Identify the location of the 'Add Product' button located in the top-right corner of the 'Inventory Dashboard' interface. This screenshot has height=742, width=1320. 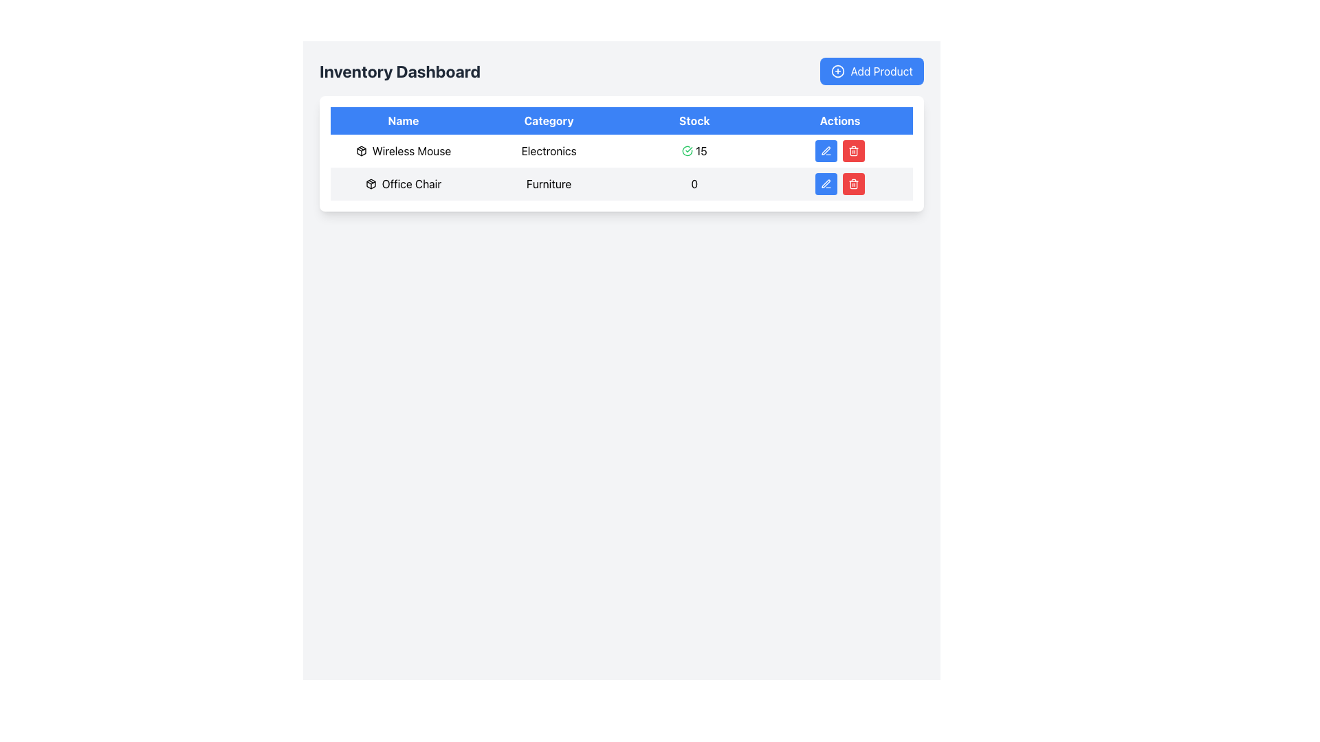
(871, 71).